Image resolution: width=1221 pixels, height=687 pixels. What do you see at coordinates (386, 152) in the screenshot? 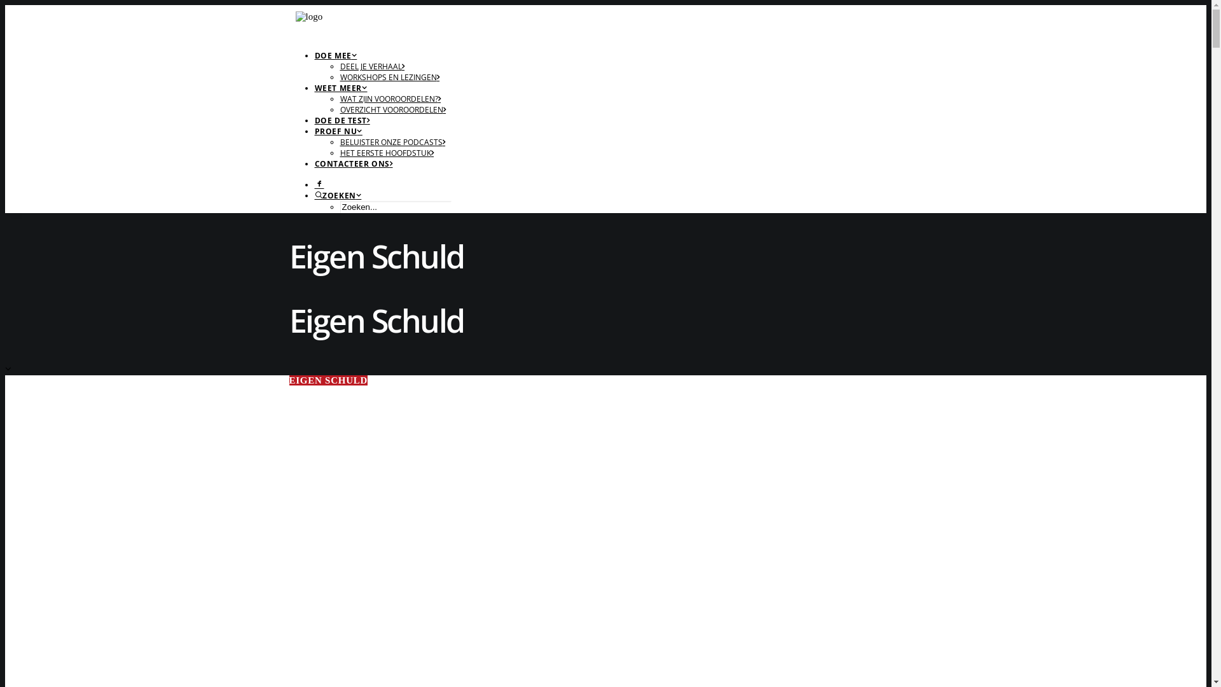
I see `'HET EERSTE HOOFDSTUK'` at bounding box center [386, 152].